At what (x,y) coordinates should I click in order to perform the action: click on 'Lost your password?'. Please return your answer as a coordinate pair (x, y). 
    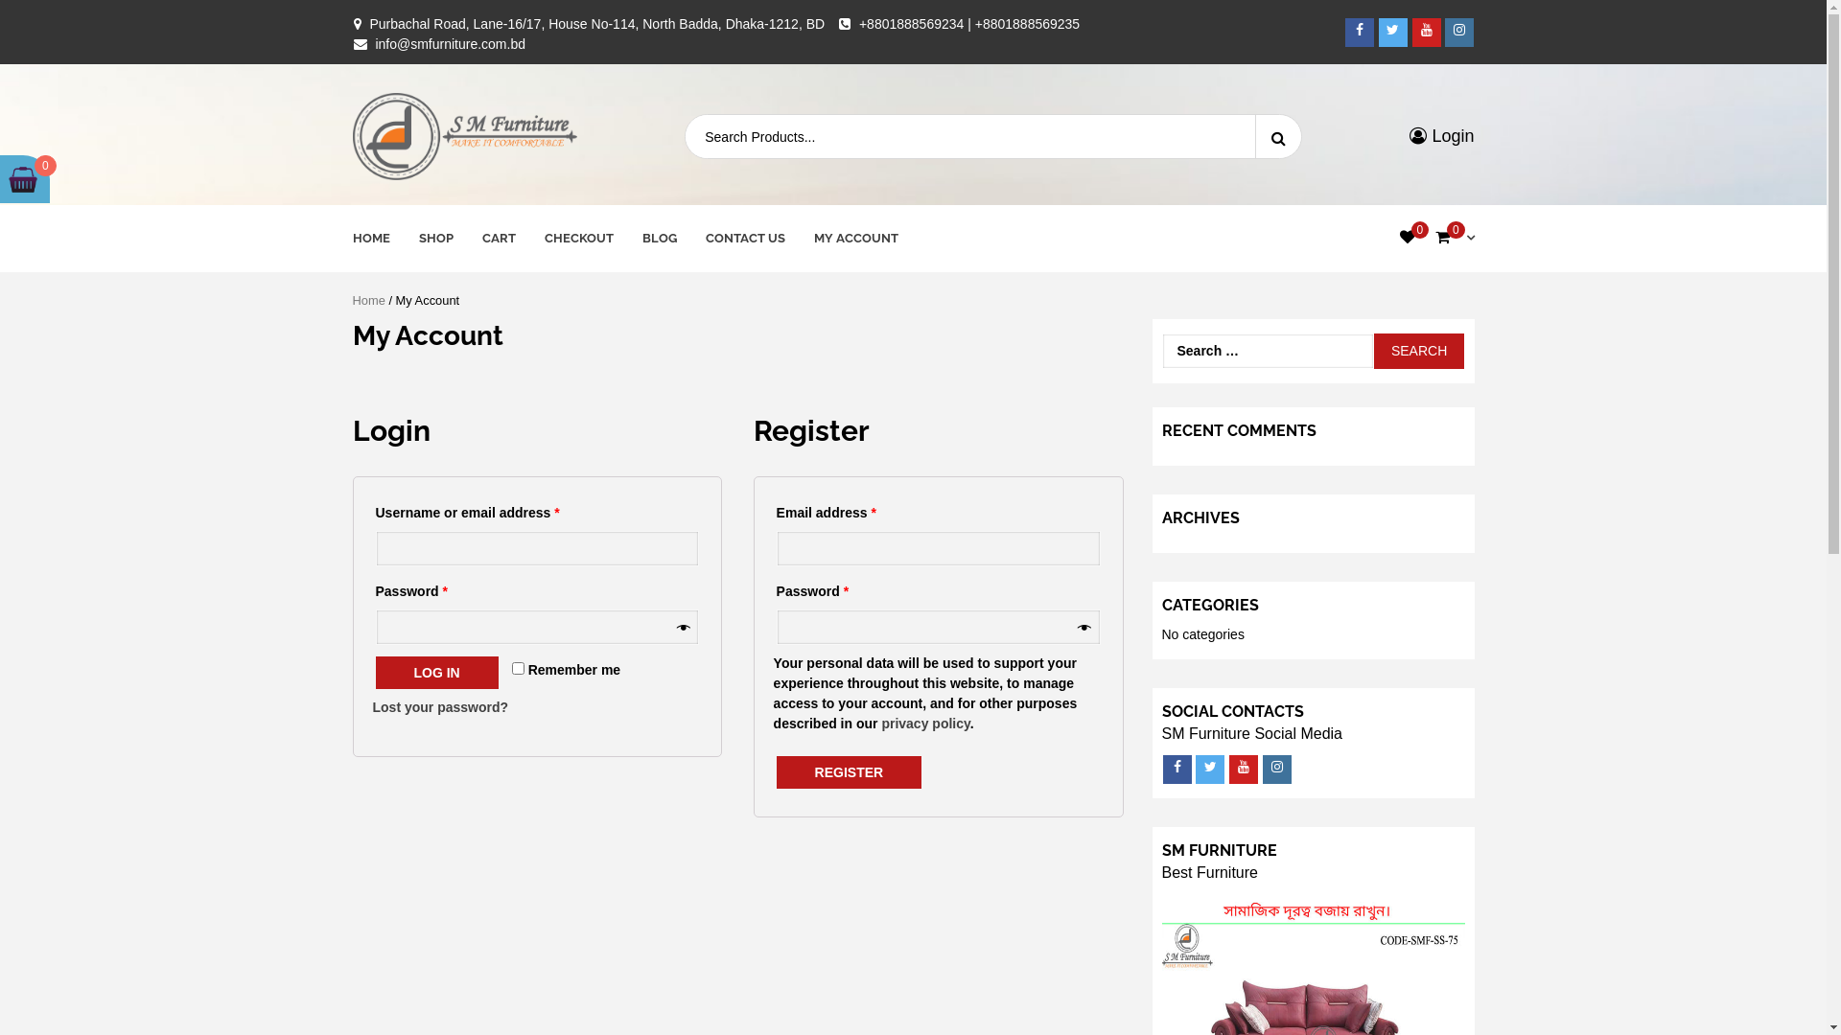
    Looking at the image, I should click on (439, 706).